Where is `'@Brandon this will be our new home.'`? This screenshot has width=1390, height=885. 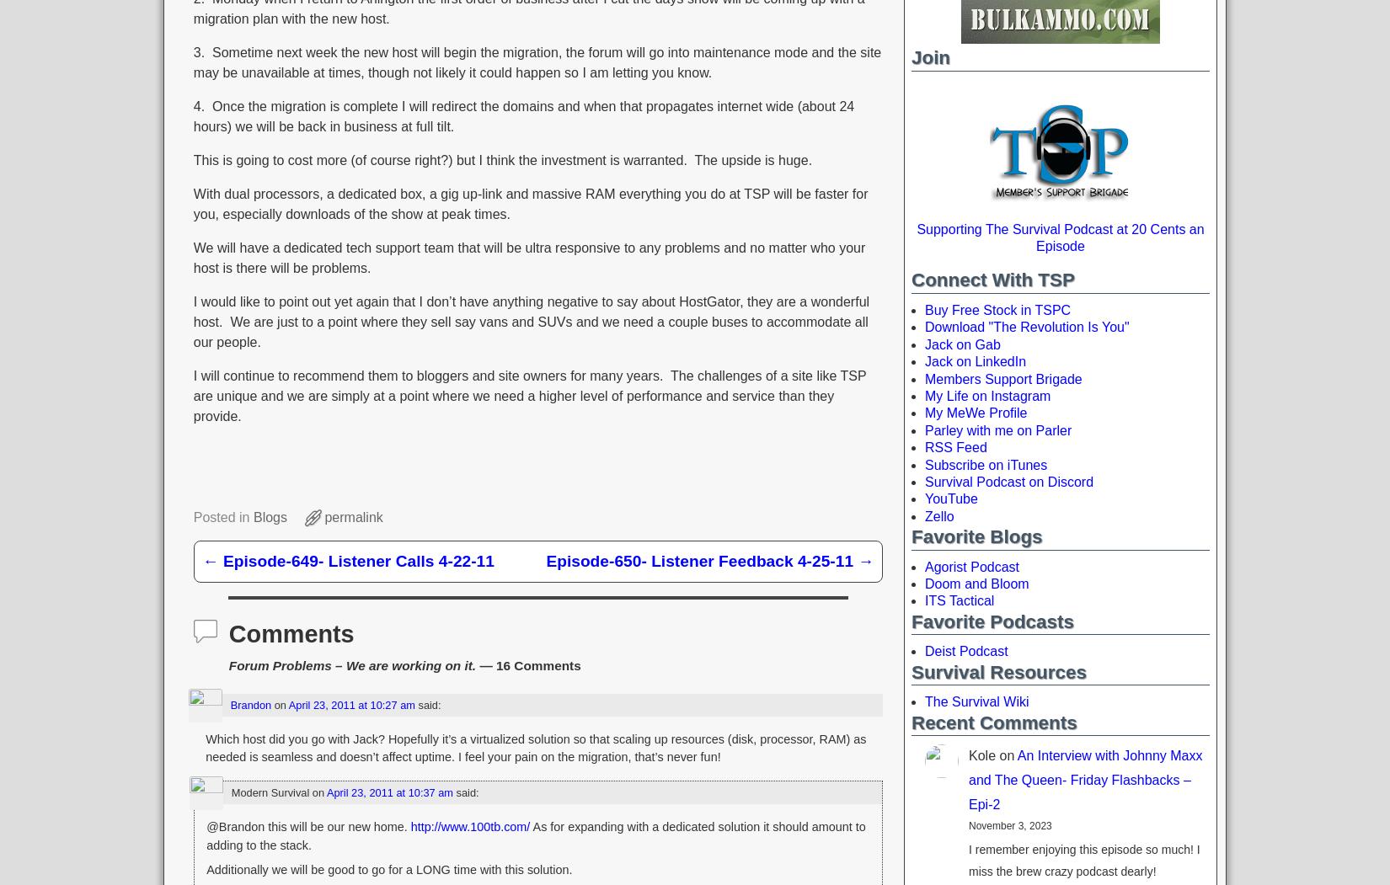
'@Brandon this will be our new home.' is located at coordinates (307, 826).